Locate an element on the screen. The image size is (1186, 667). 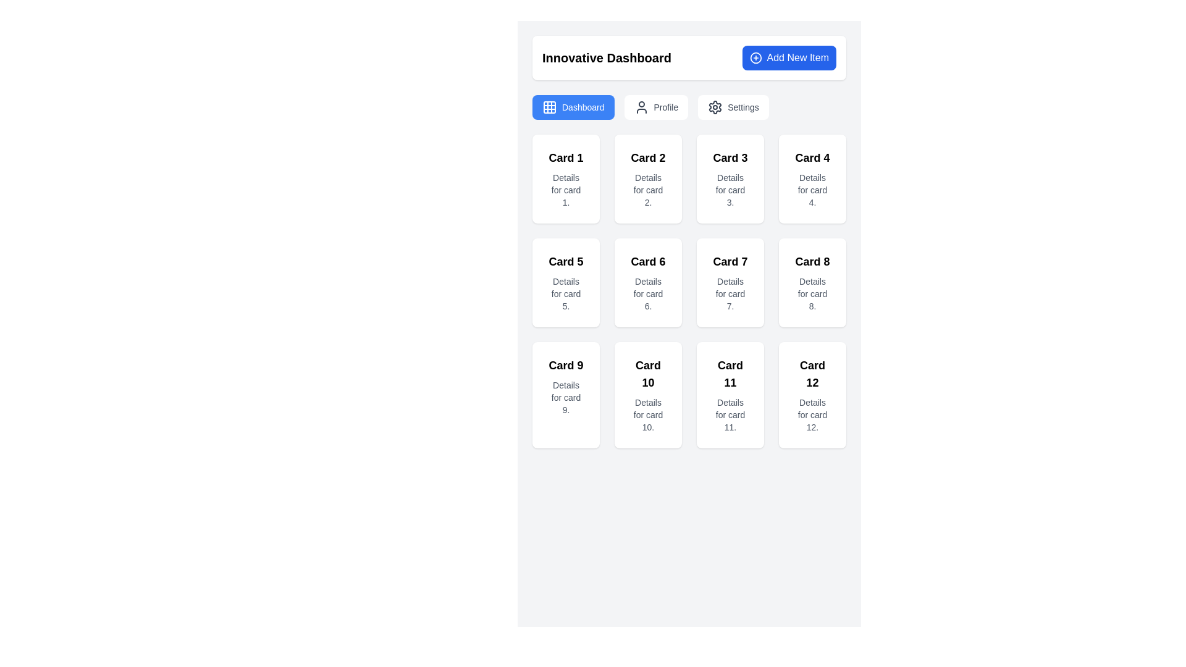
the 'Card 5' text label, which is bold and larger in size, positioned at the top of its rectangular card with rounded corners is located at coordinates (565, 261).